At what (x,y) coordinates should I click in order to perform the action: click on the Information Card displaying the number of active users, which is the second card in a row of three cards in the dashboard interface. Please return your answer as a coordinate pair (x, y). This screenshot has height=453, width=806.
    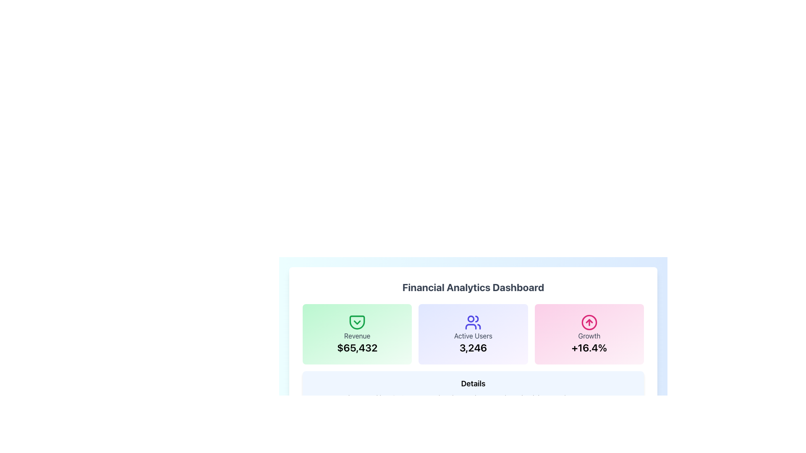
    Looking at the image, I should click on (473, 334).